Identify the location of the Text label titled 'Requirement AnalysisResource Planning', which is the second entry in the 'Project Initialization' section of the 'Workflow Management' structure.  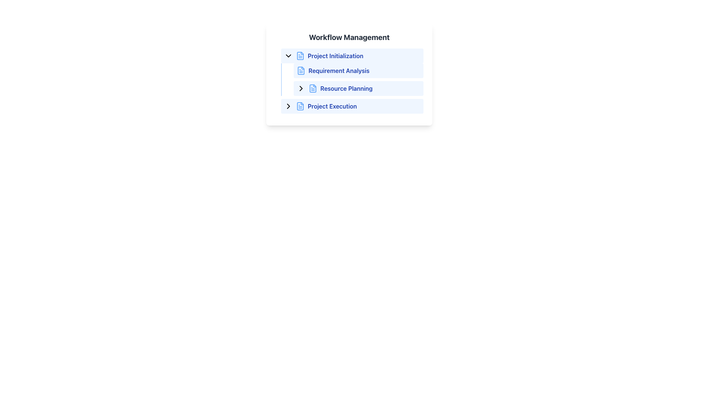
(352, 72).